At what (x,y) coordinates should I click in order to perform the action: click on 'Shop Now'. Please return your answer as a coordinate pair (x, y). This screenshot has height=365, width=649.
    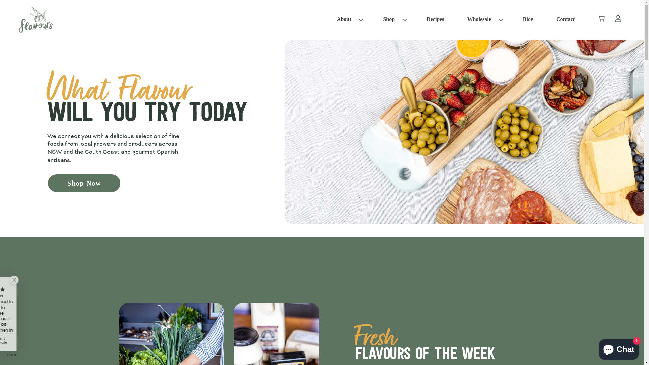
    Looking at the image, I should click on (84, 183).